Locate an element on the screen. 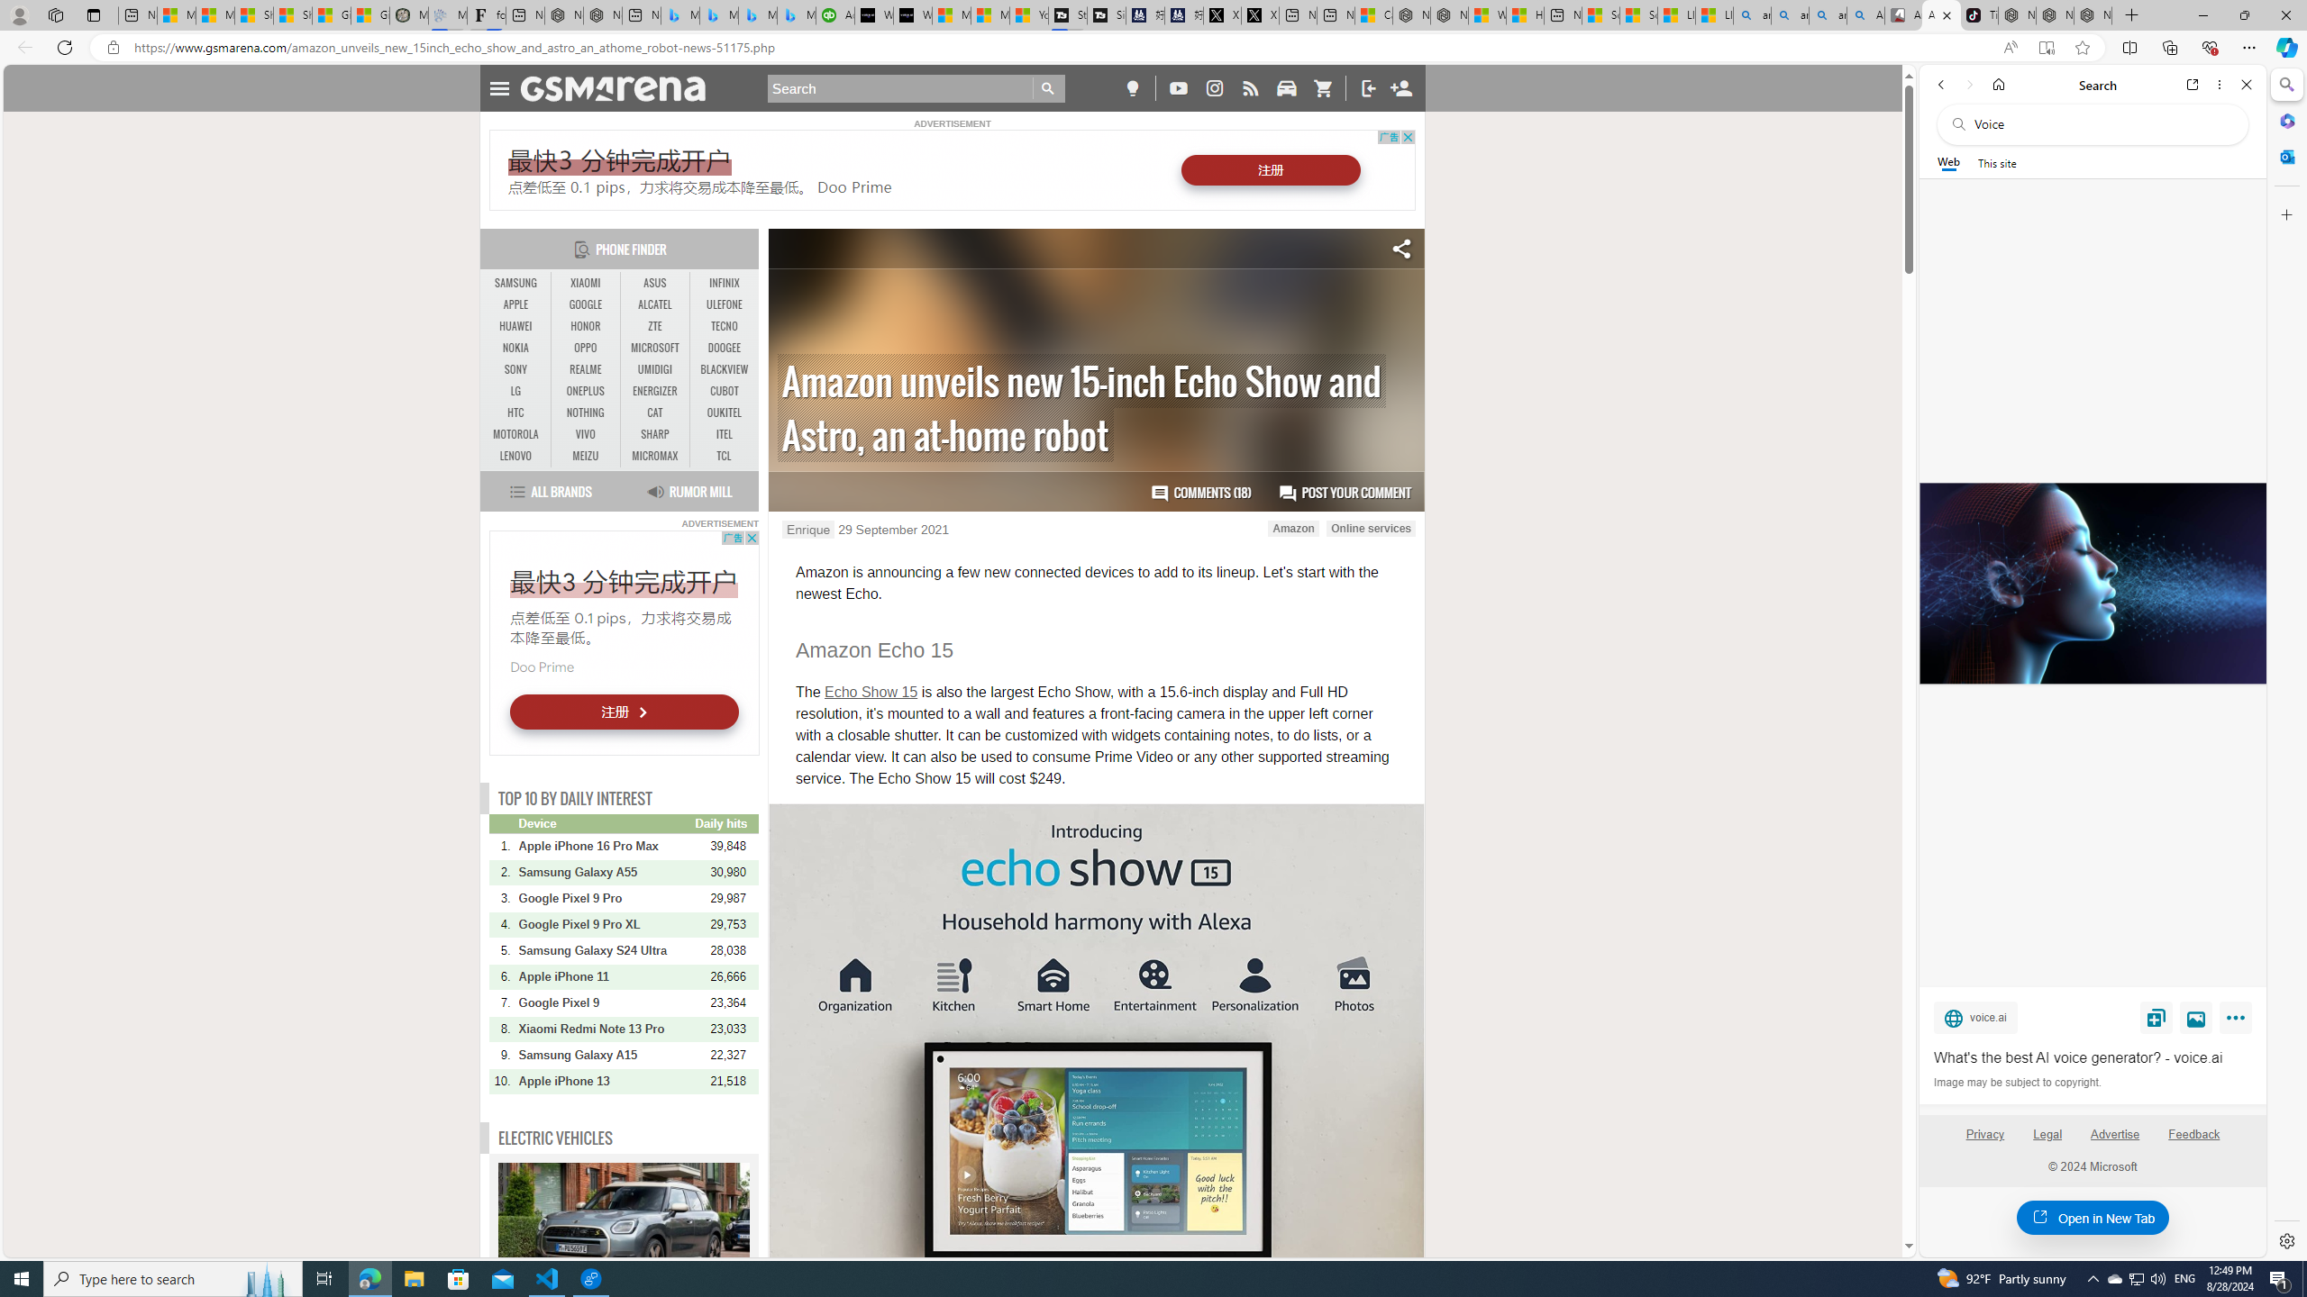 The height and width of the screenshot is (1297, 2307). 'SAMSUNG' is located at coordinates (515, 283).